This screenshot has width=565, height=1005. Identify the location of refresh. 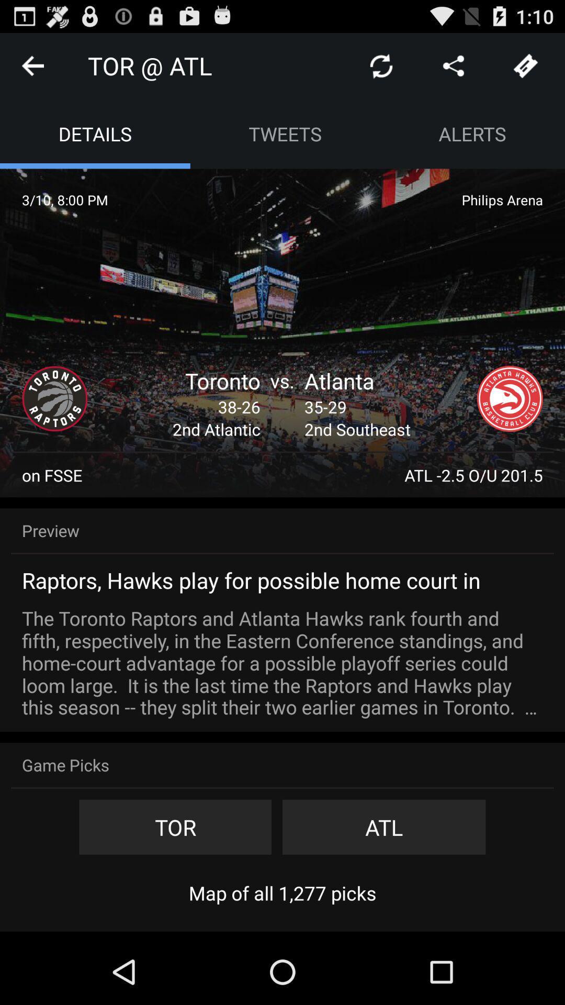
(381, 65).